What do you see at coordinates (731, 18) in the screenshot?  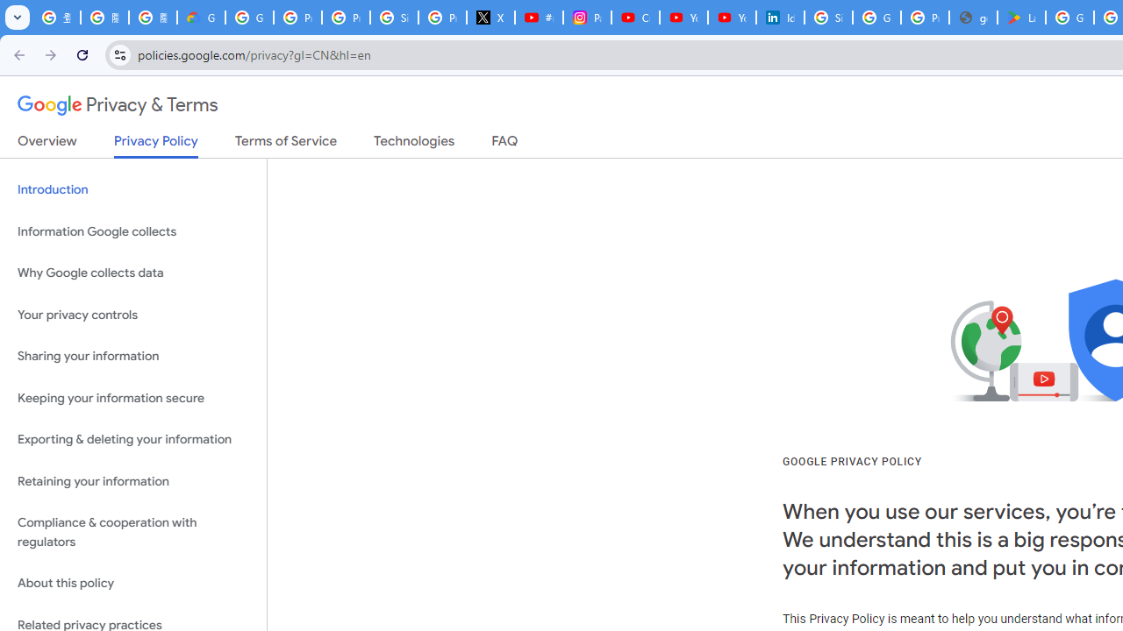 I see `'YouTube Culture & Trends - YouTube Top 10, 2021'` at bounding box center [731, 18].